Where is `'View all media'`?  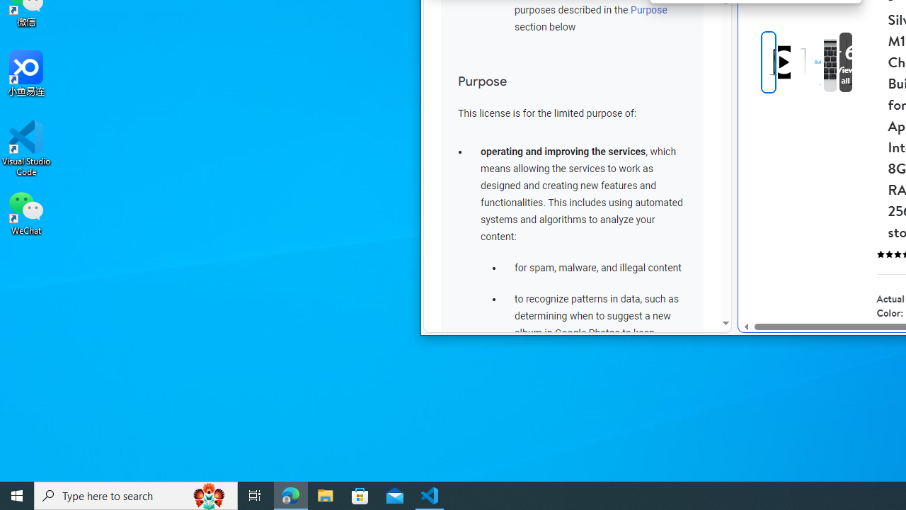
'View all media' is located at coordinates (868, 62).